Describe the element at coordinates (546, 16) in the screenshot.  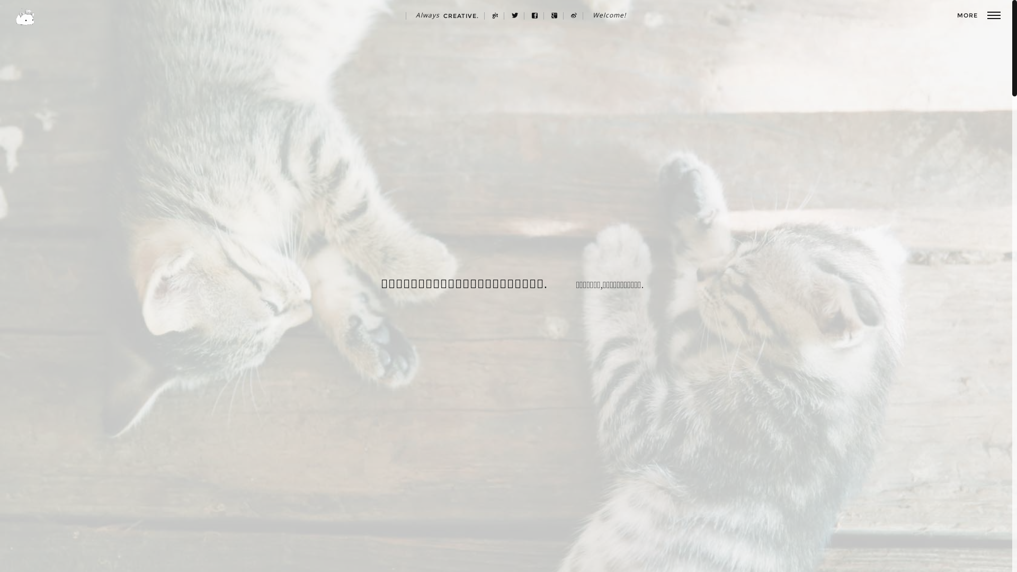
I see `'Google-Plus'` at that location.